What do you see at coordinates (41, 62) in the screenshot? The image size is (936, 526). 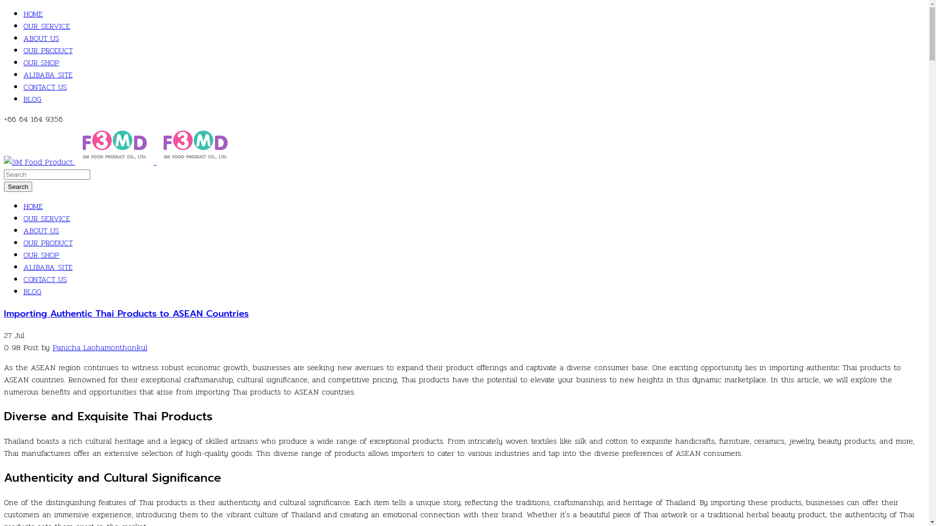 I see `'OUR SHOP'` at bounding box center [41, 62].